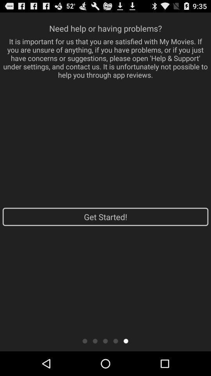 This screenshot has width=211, height=376. I want to click on get started!, so click(105, 217).